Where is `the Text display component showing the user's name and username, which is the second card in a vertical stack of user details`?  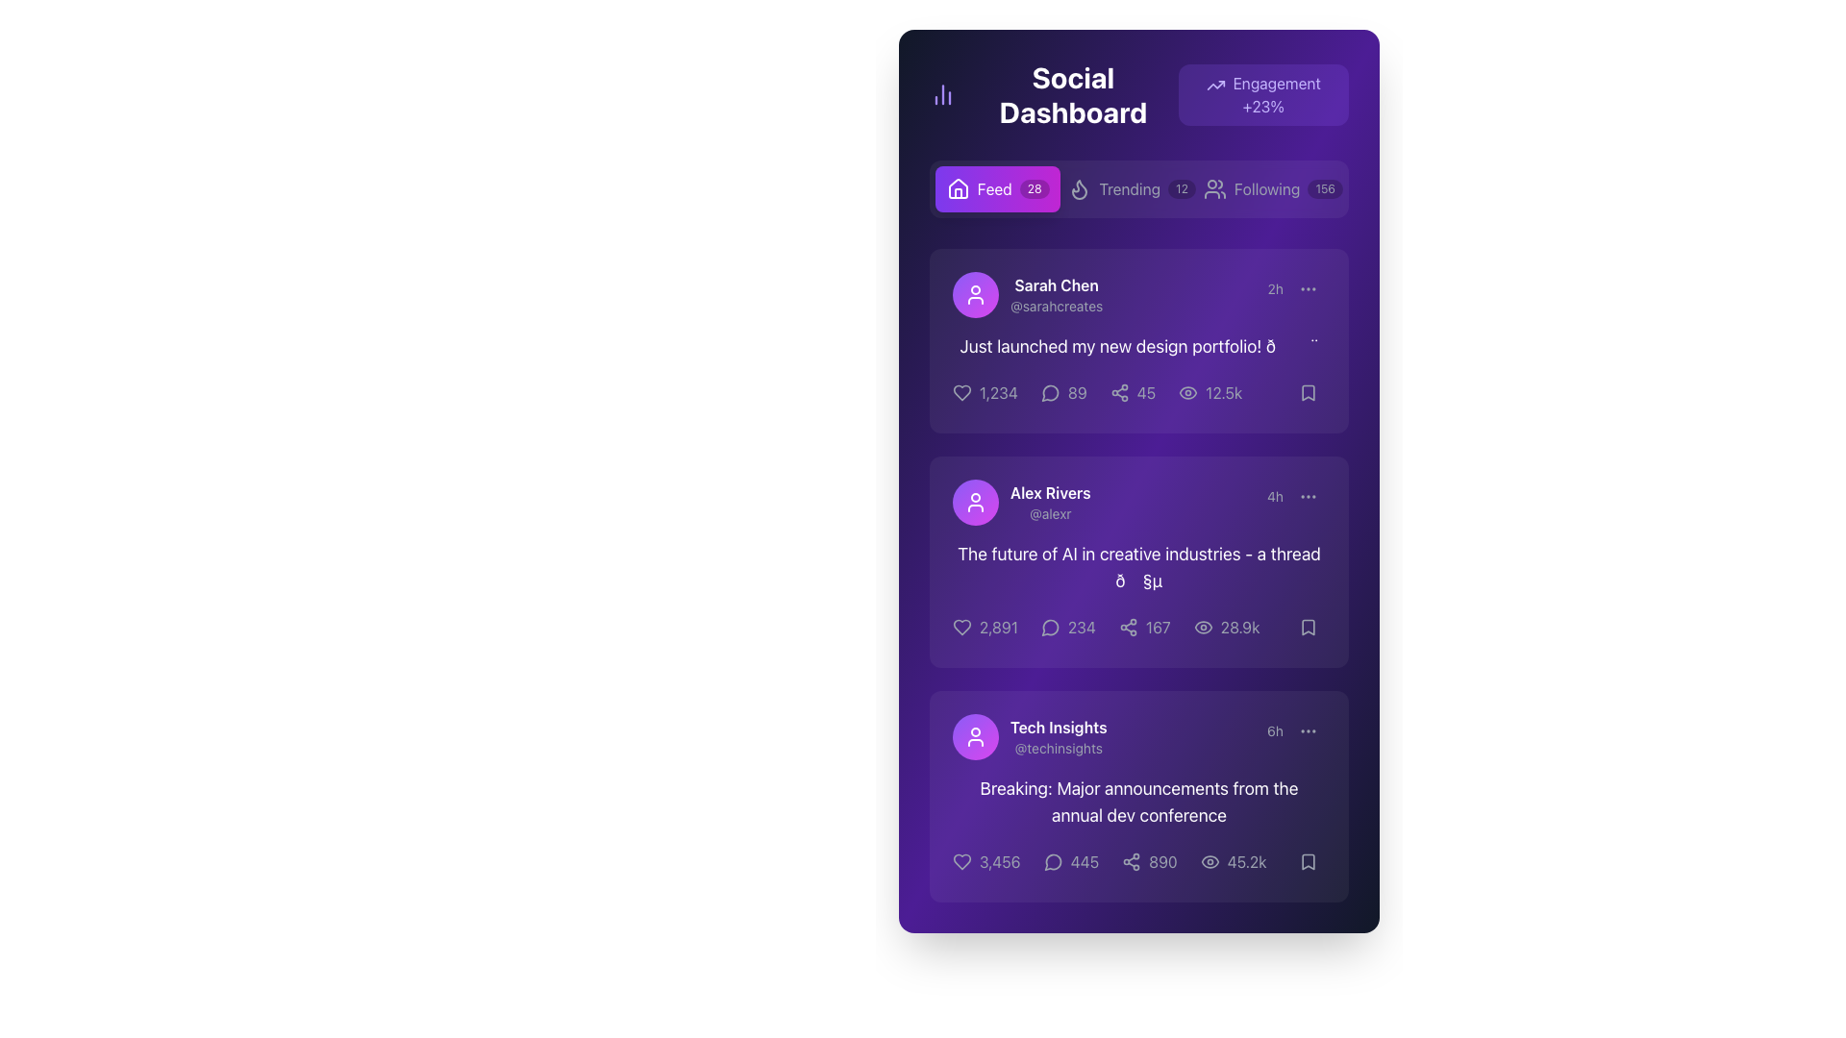 the Text display component showing the user's name and username, which is the second card in a vertical stack of user details is located at coordinates (1049, 502).